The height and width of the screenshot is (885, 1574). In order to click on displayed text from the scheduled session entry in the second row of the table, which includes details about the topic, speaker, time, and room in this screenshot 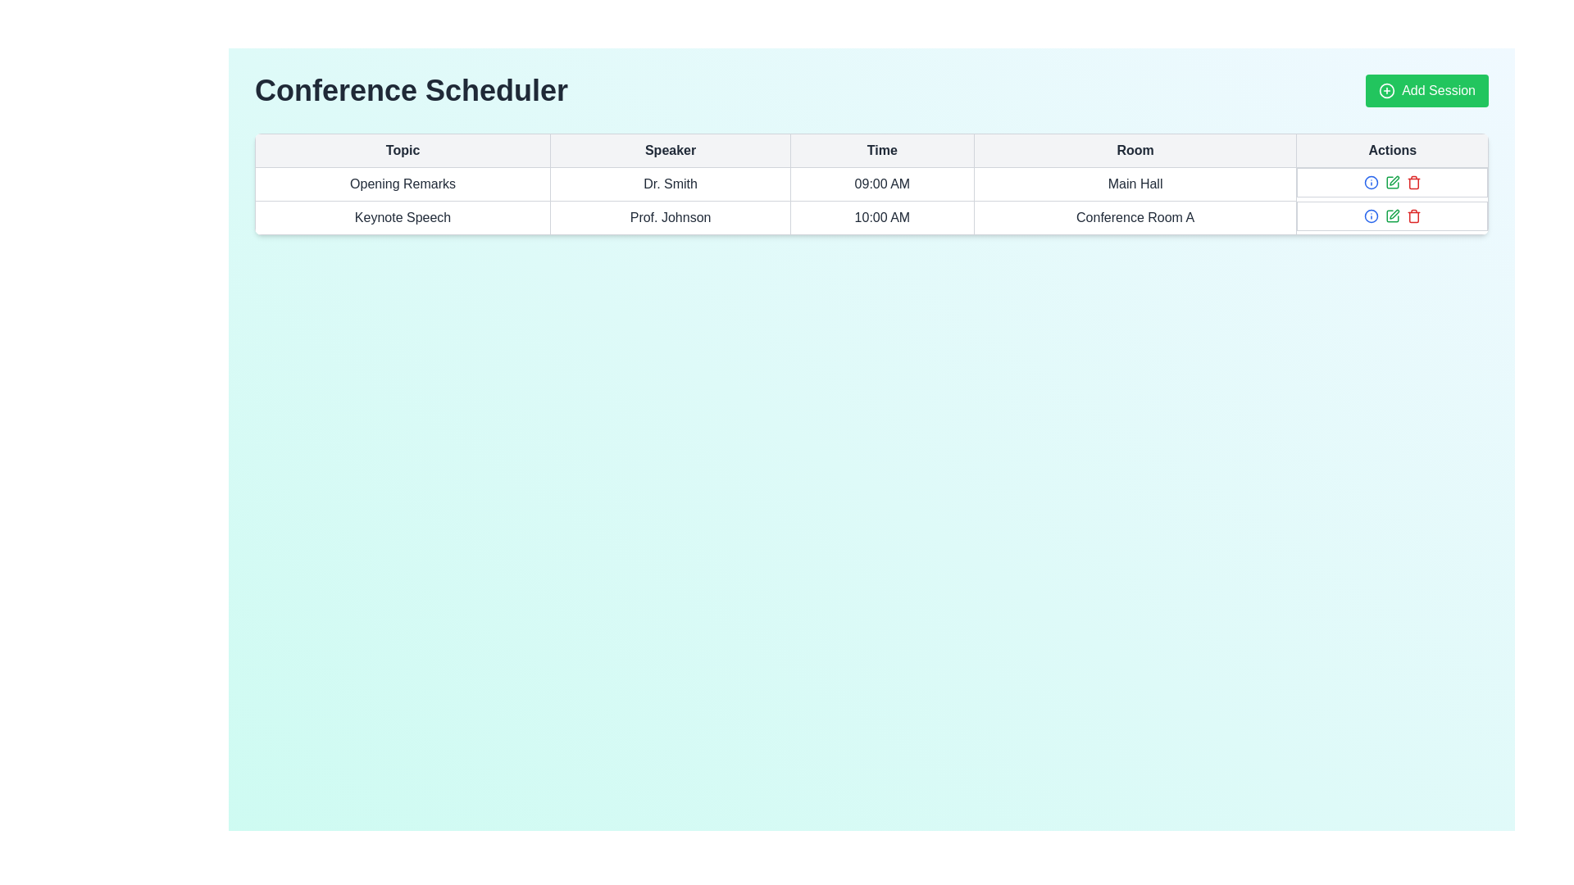, I will do `click(871, 217)`.